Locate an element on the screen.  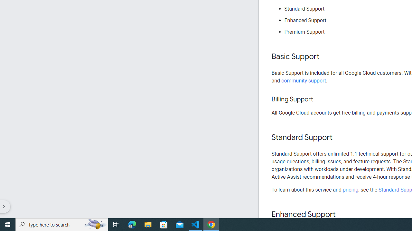
'Copy link to this section: Billing Support' is located at coordinates (319, 99).